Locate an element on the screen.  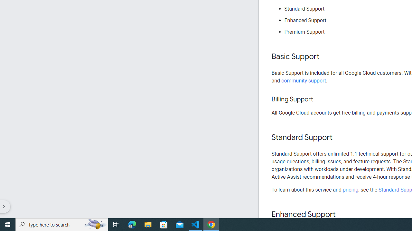
'Copy link to this section: Billing Support' is located at coordinates (319, 99).